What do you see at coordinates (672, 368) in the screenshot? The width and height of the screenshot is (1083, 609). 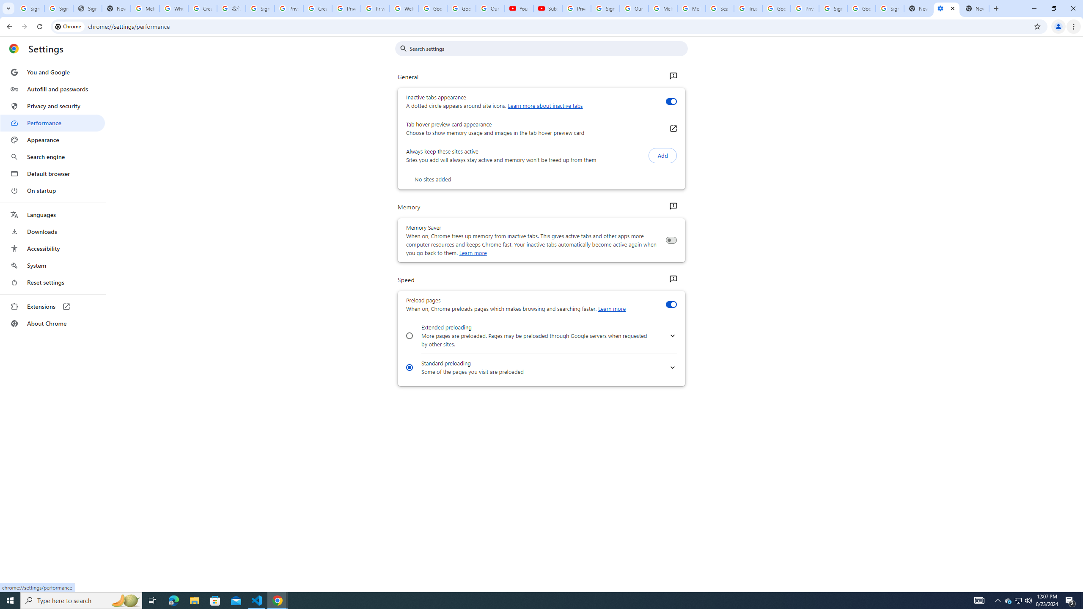 I see `' More info about turning on standard preloading'` at bounding box center [672, 368].